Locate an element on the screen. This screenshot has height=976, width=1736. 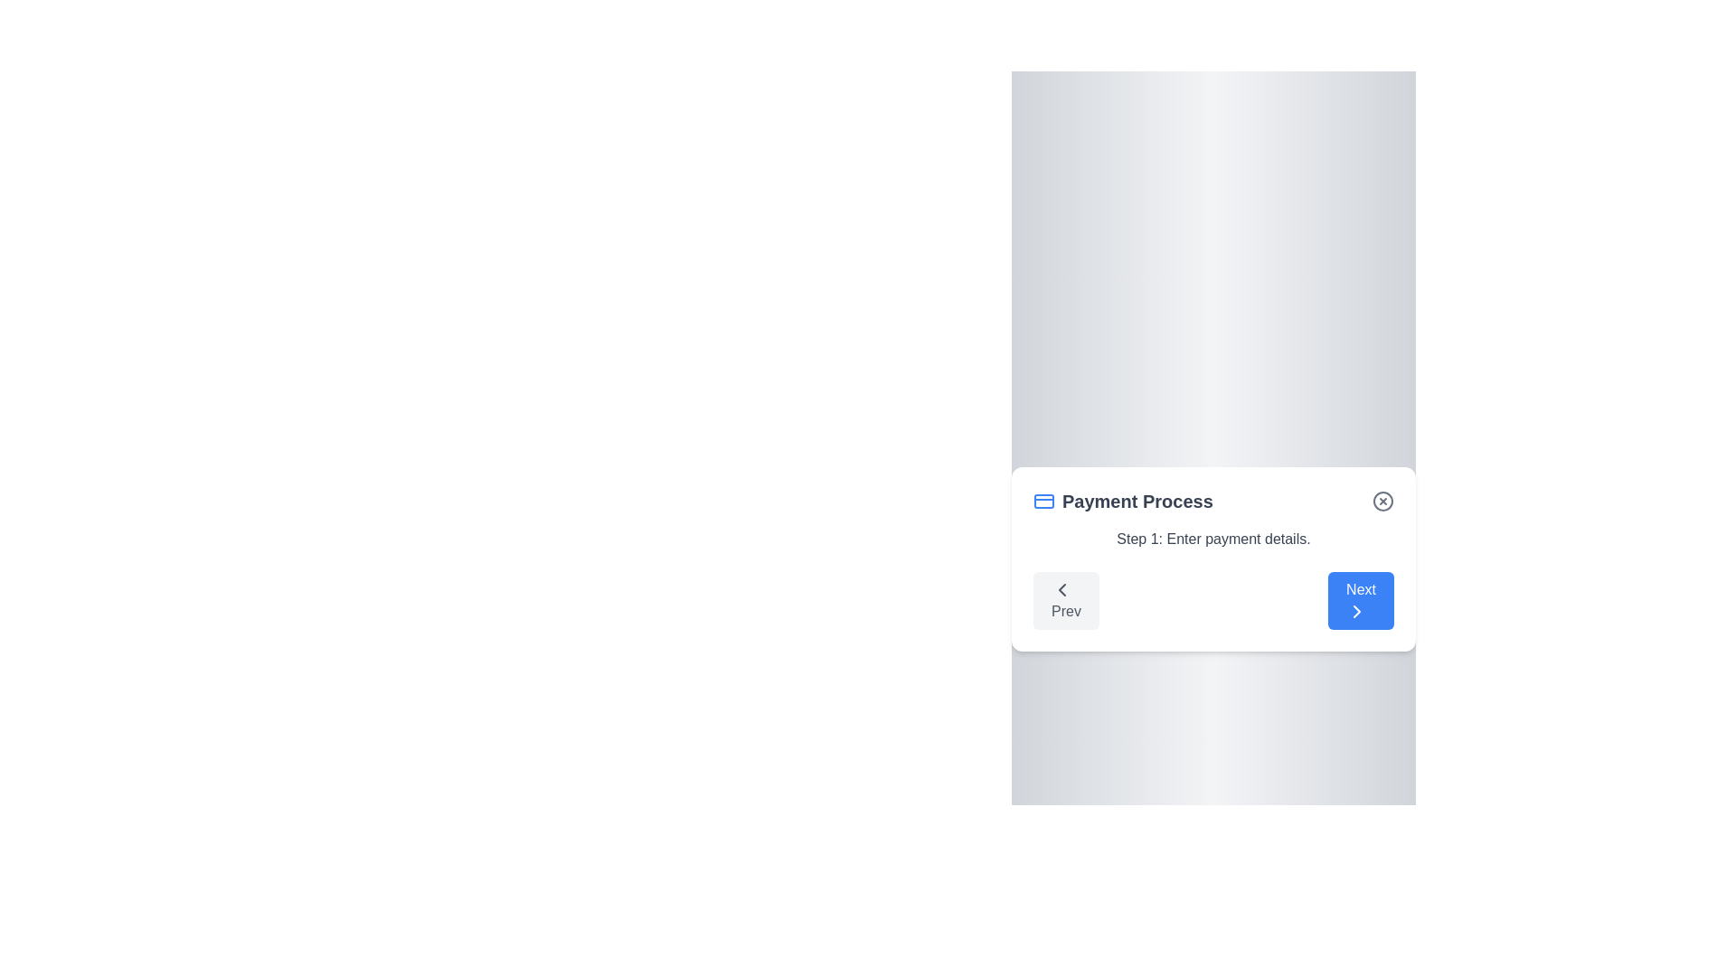
left-pointing chevron icon inside the 'Prev' button, which is located on the left-hand side of the modal footer containing navigation buttons is located at coordinates (1062, 589).